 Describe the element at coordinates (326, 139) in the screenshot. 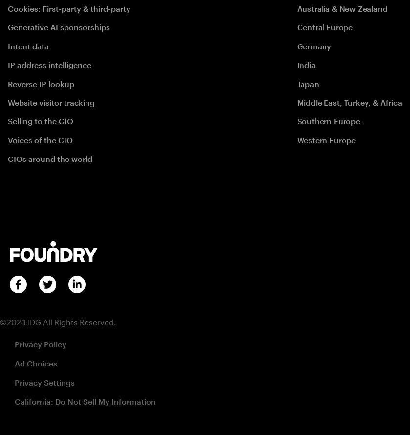

I see `'Western Europe'` at that location.